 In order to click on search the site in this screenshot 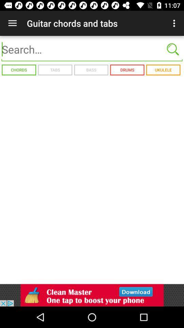, I will do `click(92, 49)`.